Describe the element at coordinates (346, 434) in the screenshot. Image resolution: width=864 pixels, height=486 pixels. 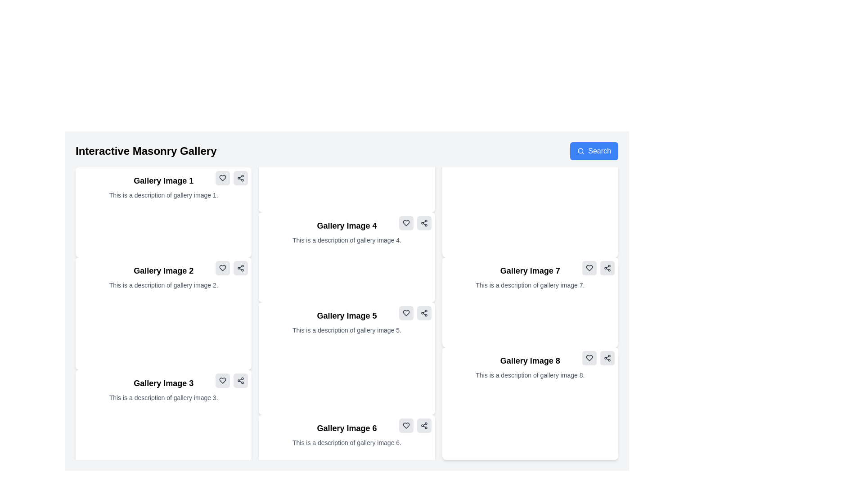
I see `label and description text for gallery image 6, located in the sixth card of the masonry gallery layout at the bottom row of the left column` at that location.